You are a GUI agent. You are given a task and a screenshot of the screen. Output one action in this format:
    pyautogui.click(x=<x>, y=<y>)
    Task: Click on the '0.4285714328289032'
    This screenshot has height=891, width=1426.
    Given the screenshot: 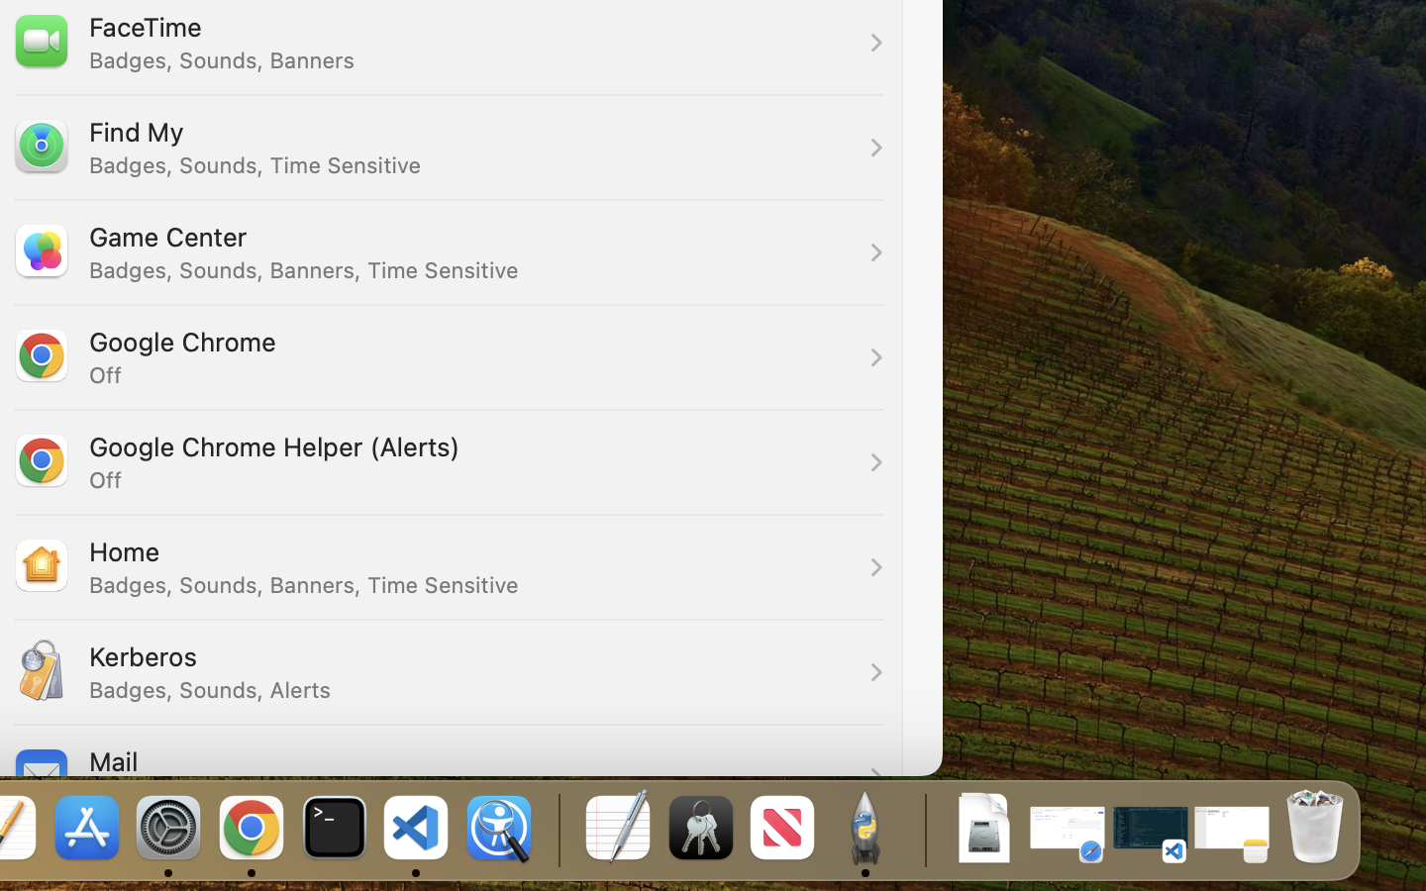 What is the action you would take?
    pyautogui.click(x=557, y=829)
    